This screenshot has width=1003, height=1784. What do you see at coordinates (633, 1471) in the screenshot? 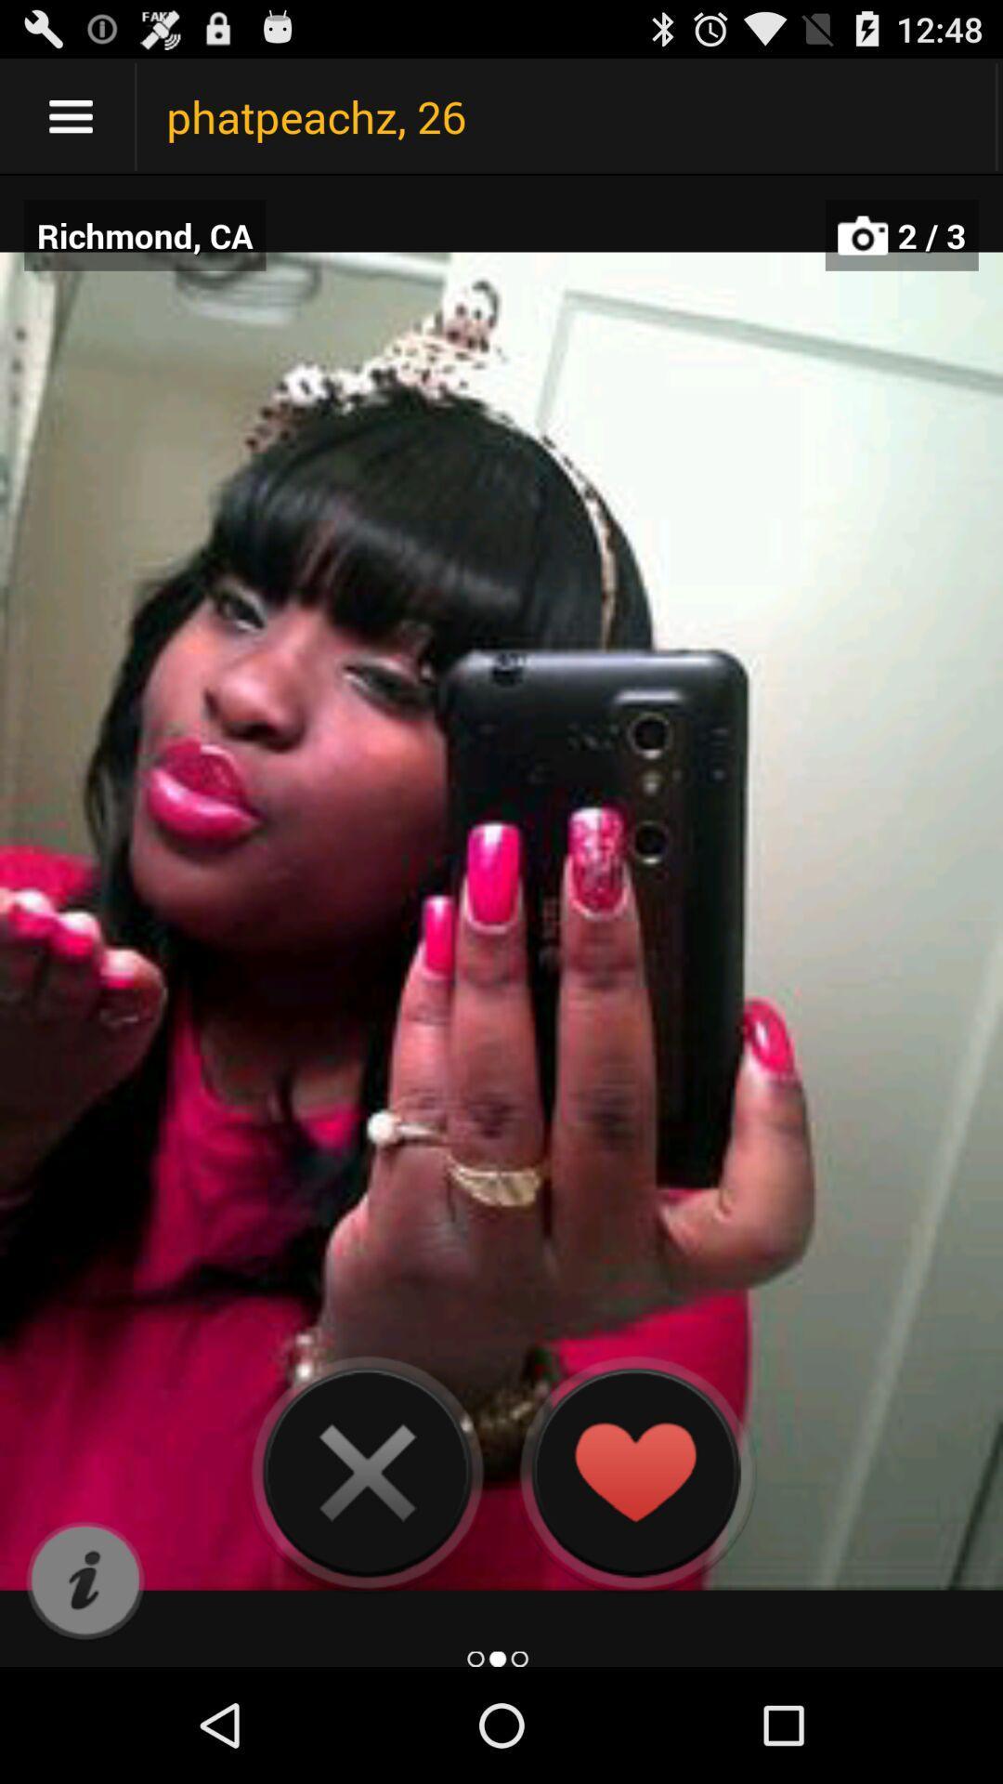
I see `like the photo` at bounding box center [633, 1471].